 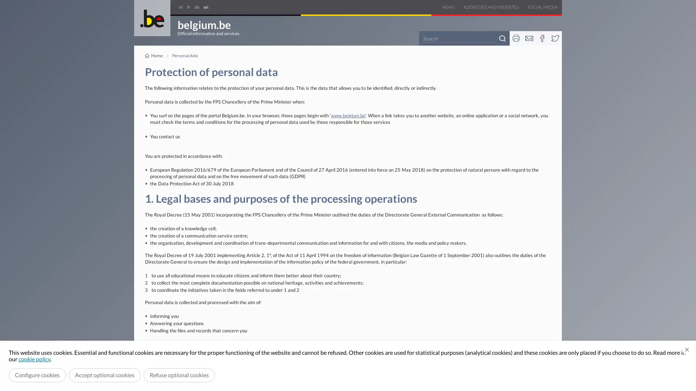 I want to click on Accept optional cookies, so click(x=104, y=375).